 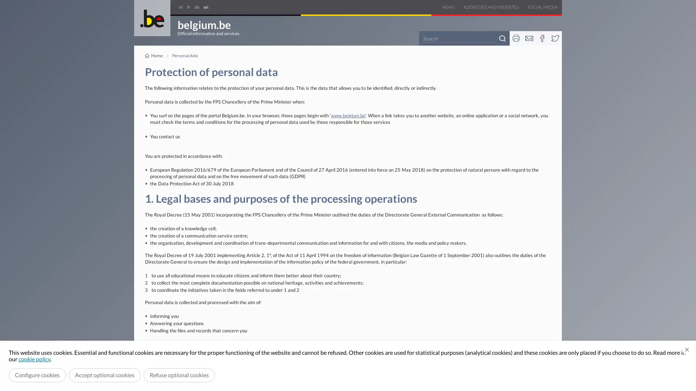 I want to click on Accept optional cookies, so click(x=104, y=375).